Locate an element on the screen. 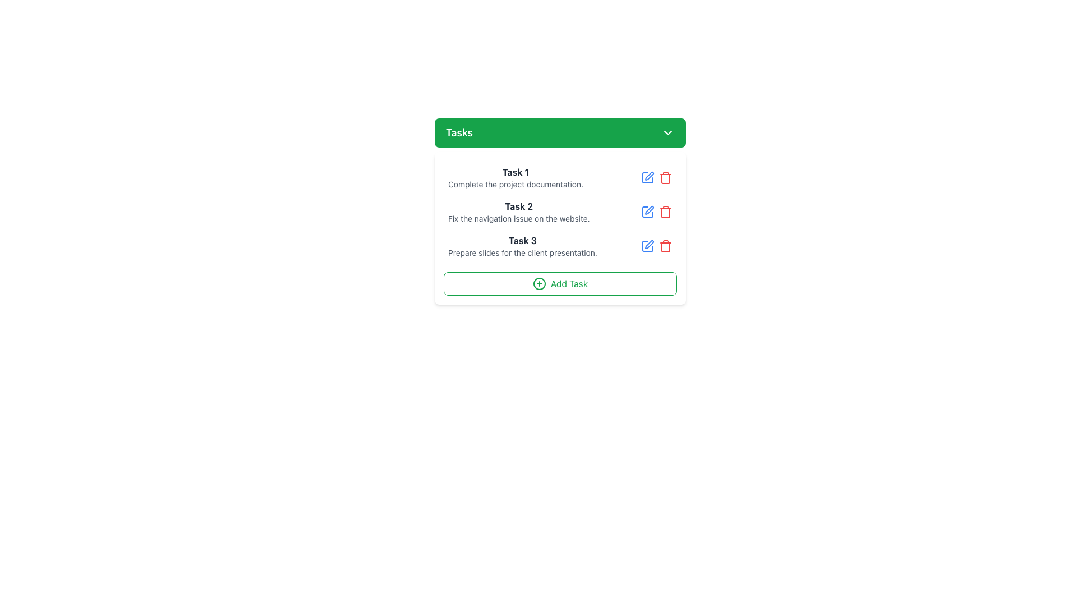  the edit button for 'Task 3' in the 'Tasks' interface is located at coordinates (648, 246).